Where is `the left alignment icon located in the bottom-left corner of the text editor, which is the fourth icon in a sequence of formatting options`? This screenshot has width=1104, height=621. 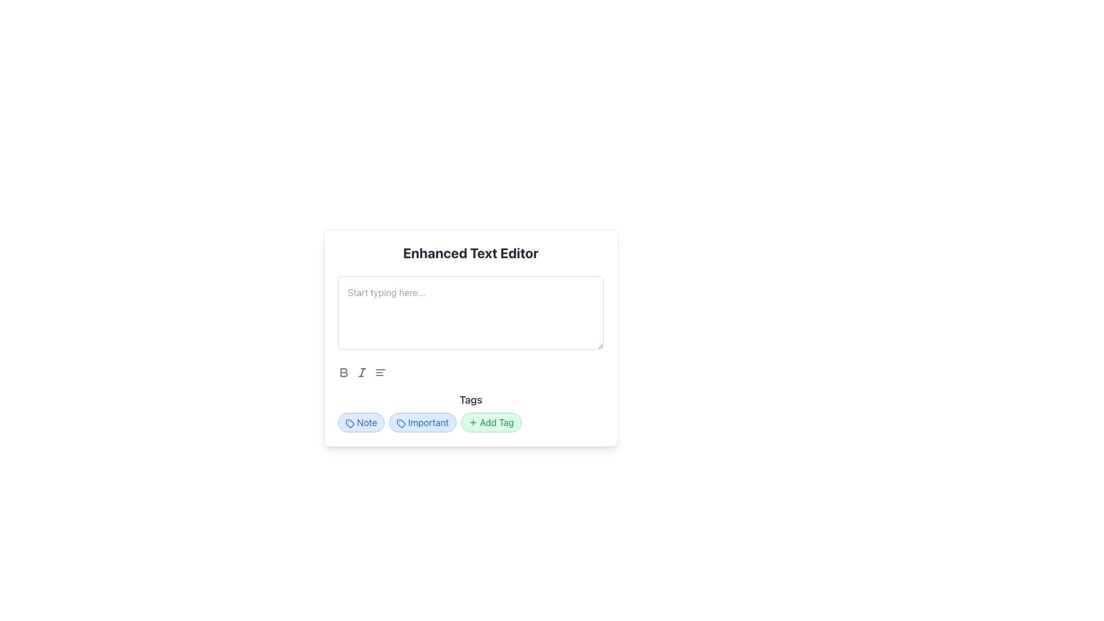
the left alignment icon located in the bottom-left corner of the text editor, which is the fourth icon in a sequence of formatting options is located at coordinates (381, 373).